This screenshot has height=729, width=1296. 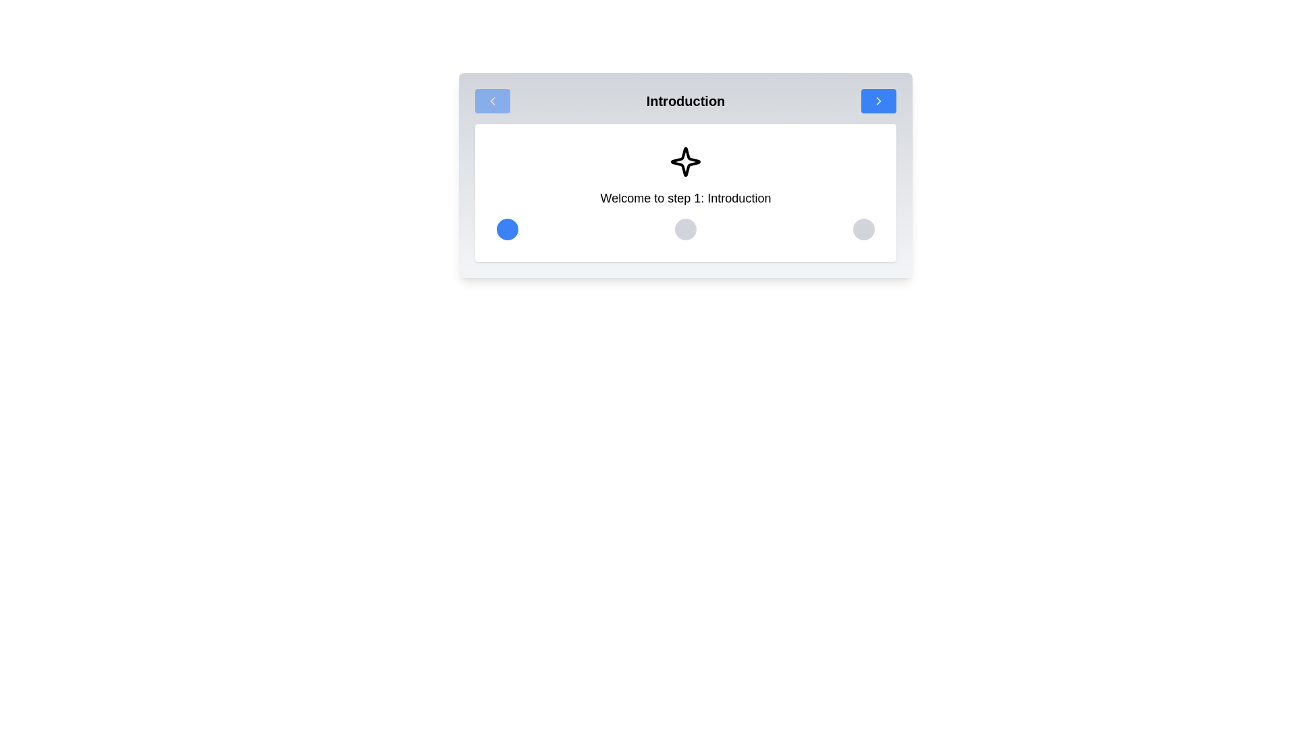 I want to click on the sparkle icon in the center of the component, so click(x=686, y=161).